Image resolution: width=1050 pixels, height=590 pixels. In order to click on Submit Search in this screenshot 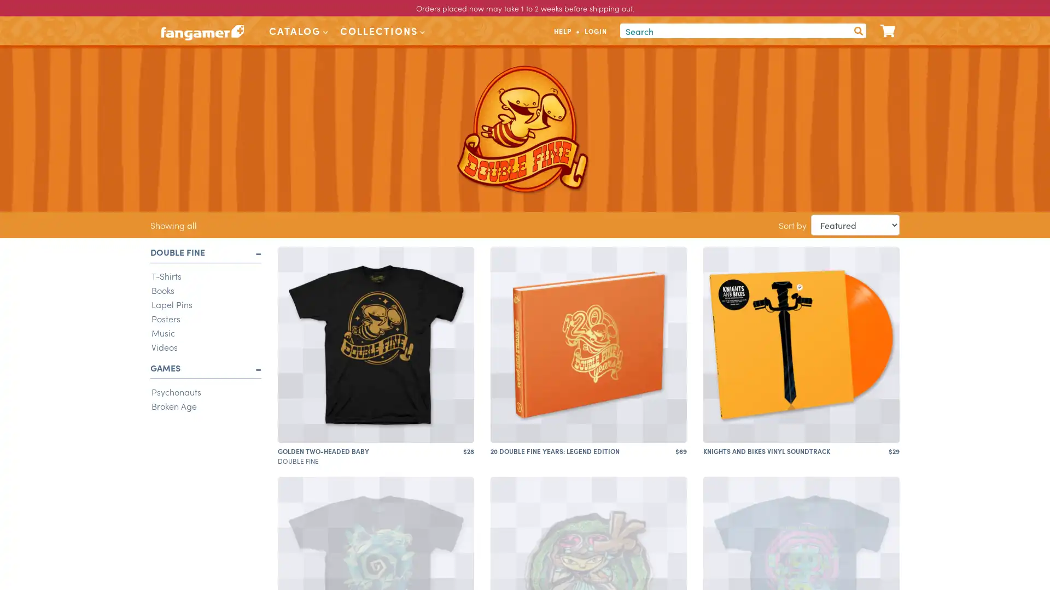, I will do `click(857, 30)`.